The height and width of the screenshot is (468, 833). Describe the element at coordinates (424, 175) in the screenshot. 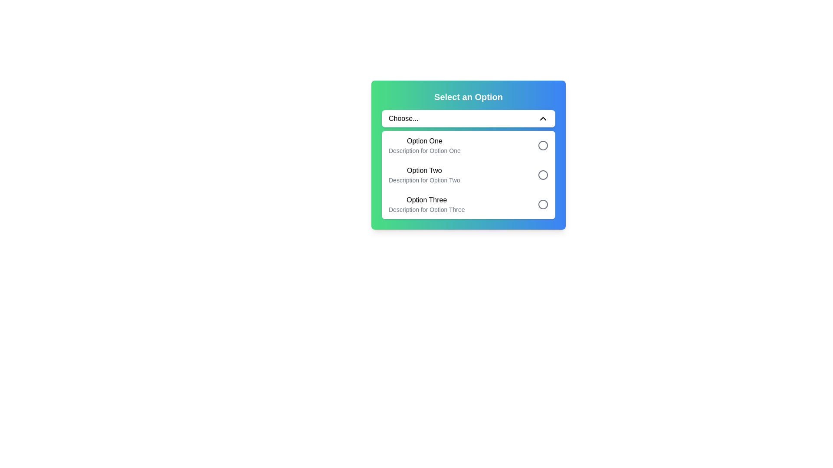

I see `text from the second option in the dropdown menu titled 'Select an Option,' which displays 'Option Two' in bold black font and 'Description for Option Two' in smaller gray text` at that location.